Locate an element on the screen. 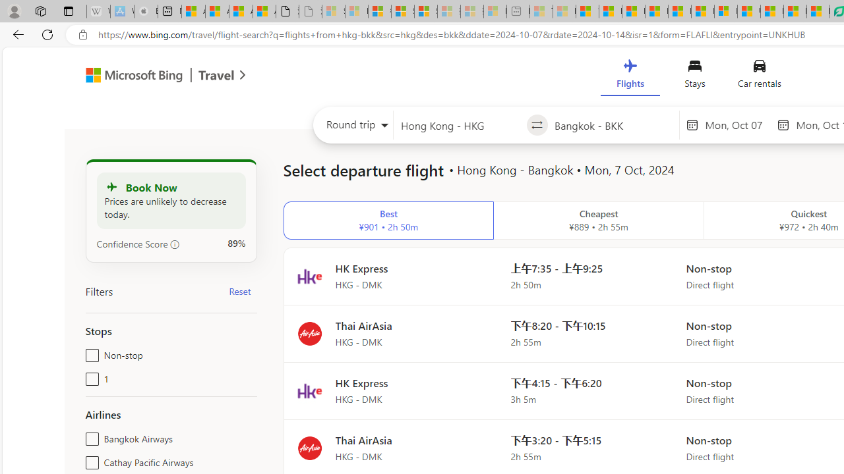  'Food and Drink - MSN' is located at coordinates (610, 11).